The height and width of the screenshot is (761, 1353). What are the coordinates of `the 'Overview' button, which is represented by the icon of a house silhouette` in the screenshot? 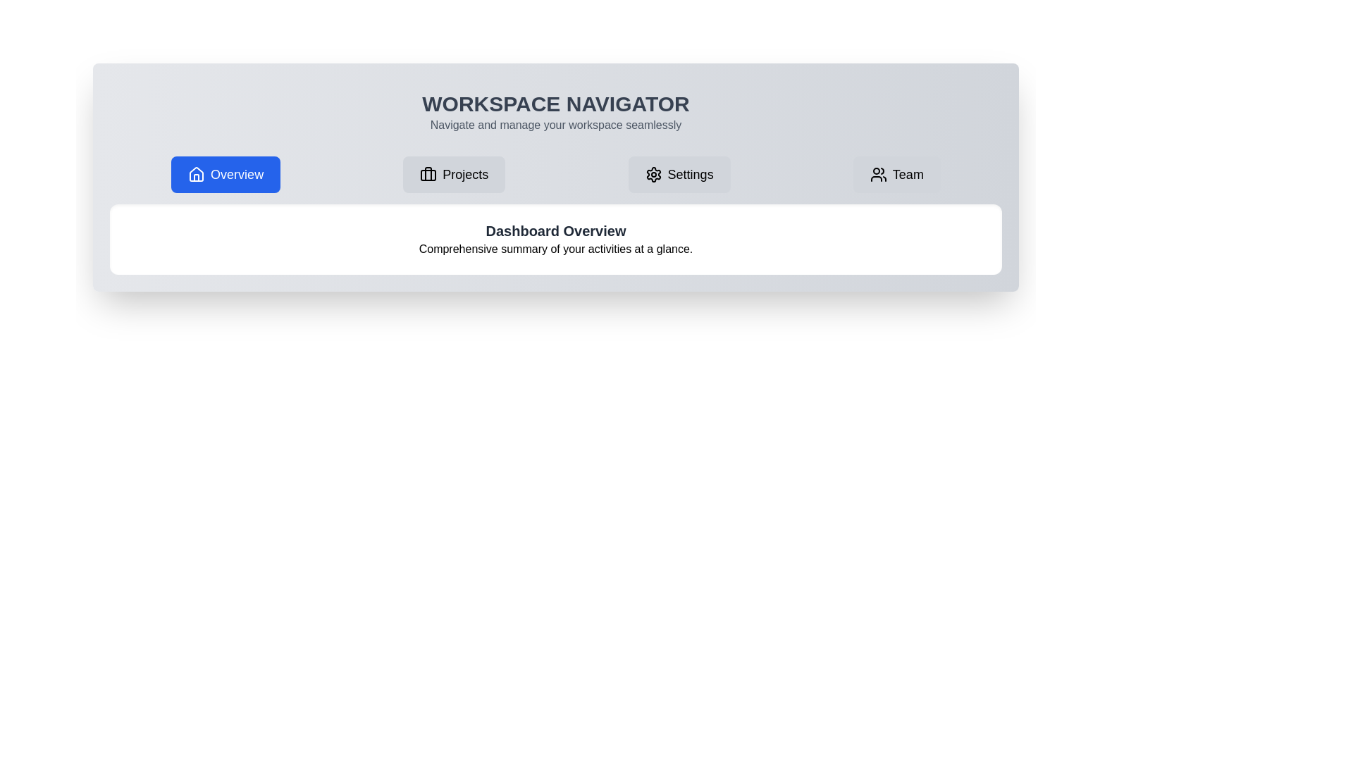 It's located at (196, 173).